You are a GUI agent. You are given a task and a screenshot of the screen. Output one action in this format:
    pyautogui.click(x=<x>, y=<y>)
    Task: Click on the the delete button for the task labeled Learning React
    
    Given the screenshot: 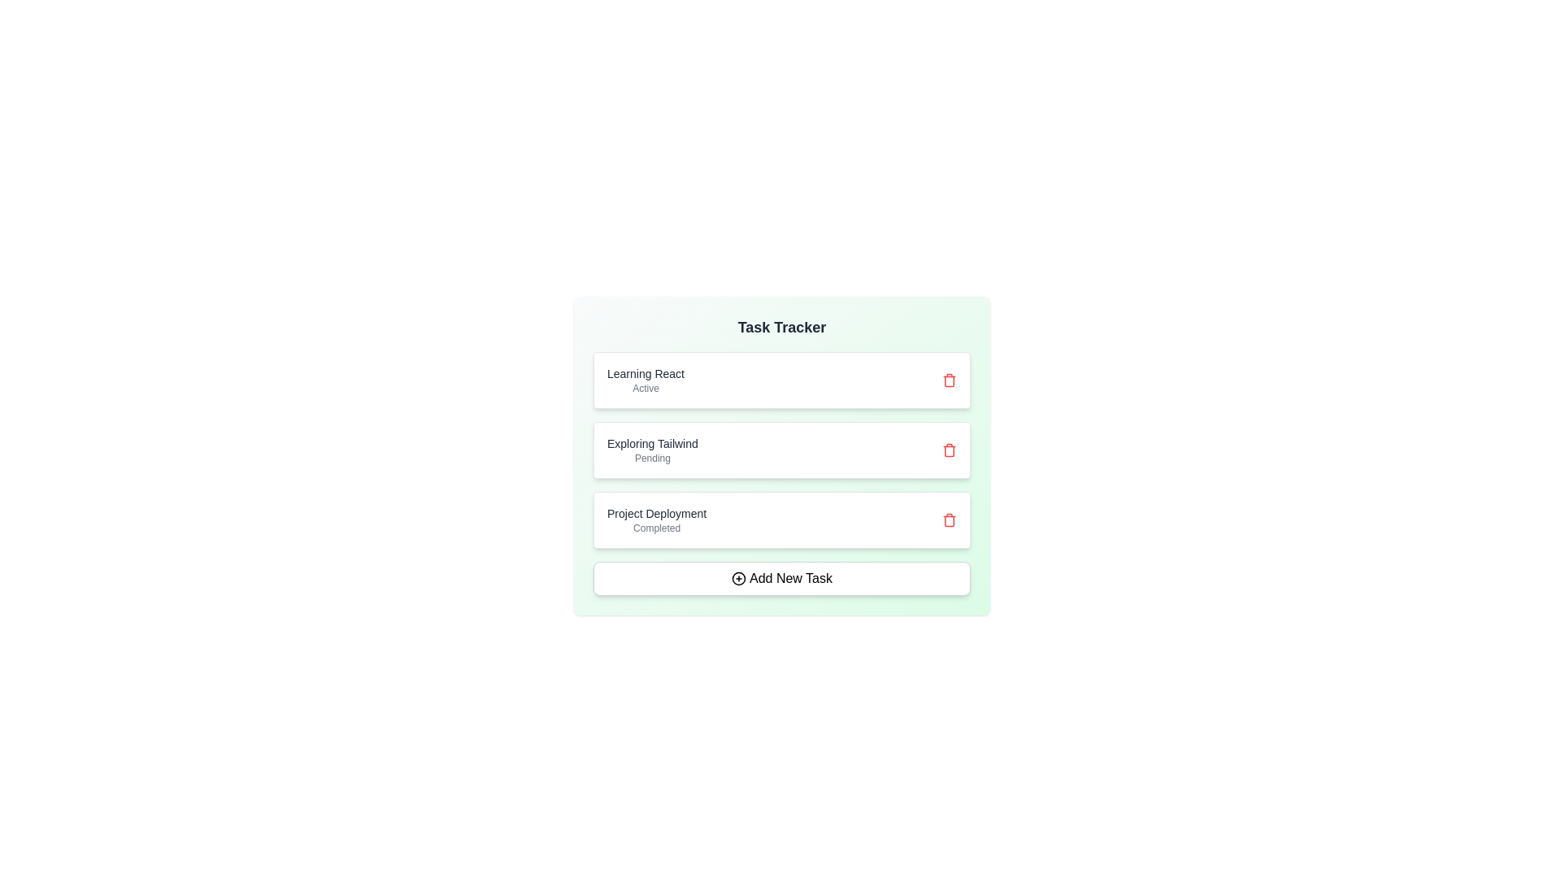 What is the action you would take?
    pyautogui.click(x=949, y=380)
    